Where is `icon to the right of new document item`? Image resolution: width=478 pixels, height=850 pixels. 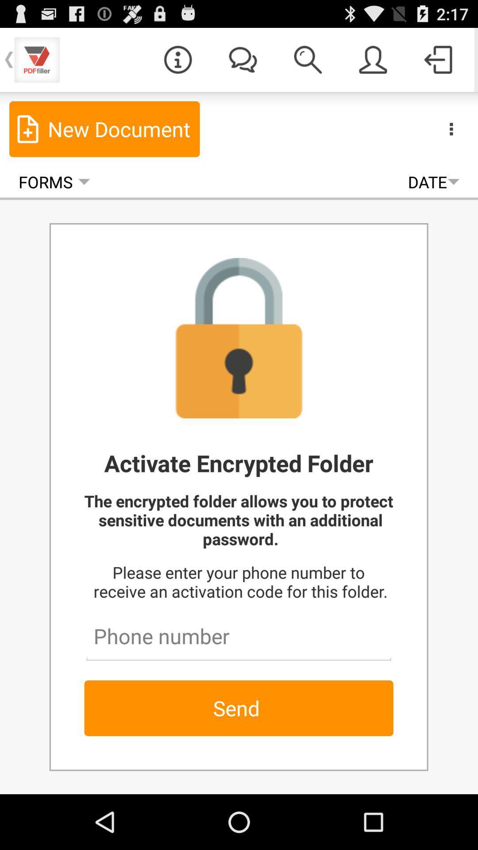 icon to the right of new document item is located at coordinates (451, 128).